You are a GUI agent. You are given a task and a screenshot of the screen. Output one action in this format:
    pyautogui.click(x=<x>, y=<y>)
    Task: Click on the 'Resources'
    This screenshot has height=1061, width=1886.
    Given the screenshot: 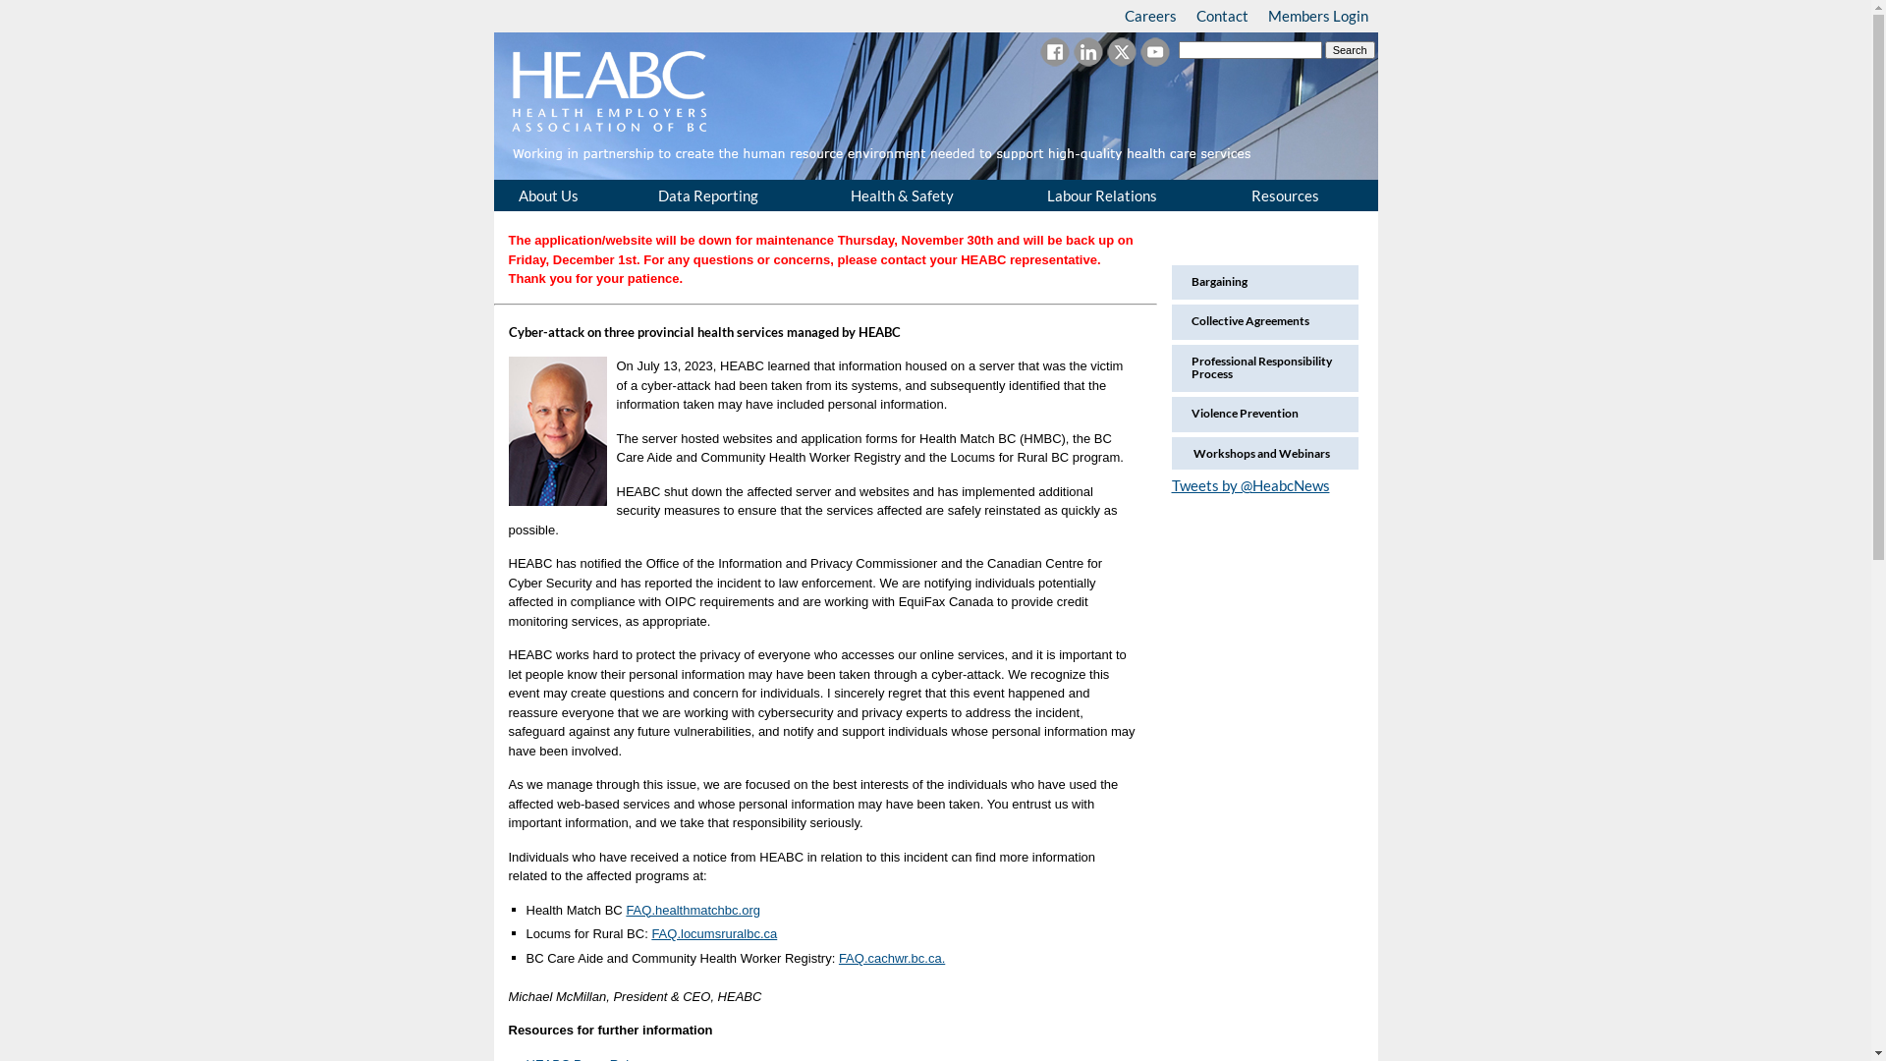 What is the action you would take?
    pyautogui.click(x=1302, y=195)
    